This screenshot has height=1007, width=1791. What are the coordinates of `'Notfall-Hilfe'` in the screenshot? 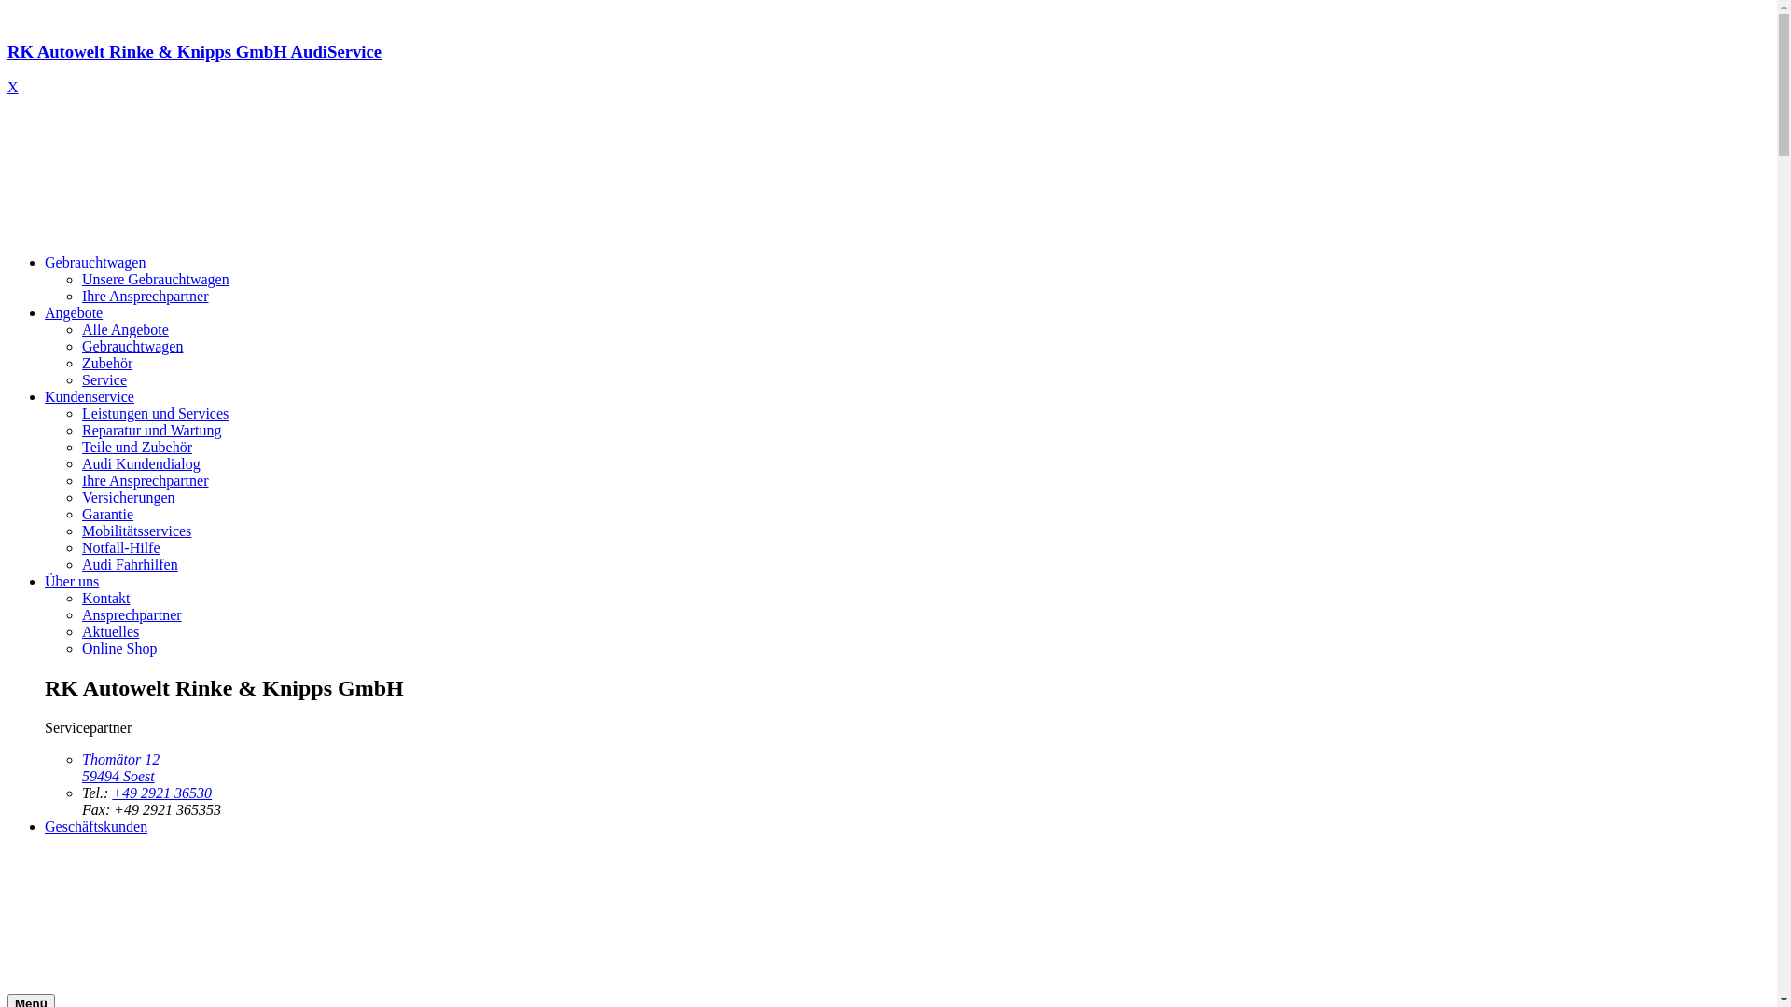 It's located at (119, 546).